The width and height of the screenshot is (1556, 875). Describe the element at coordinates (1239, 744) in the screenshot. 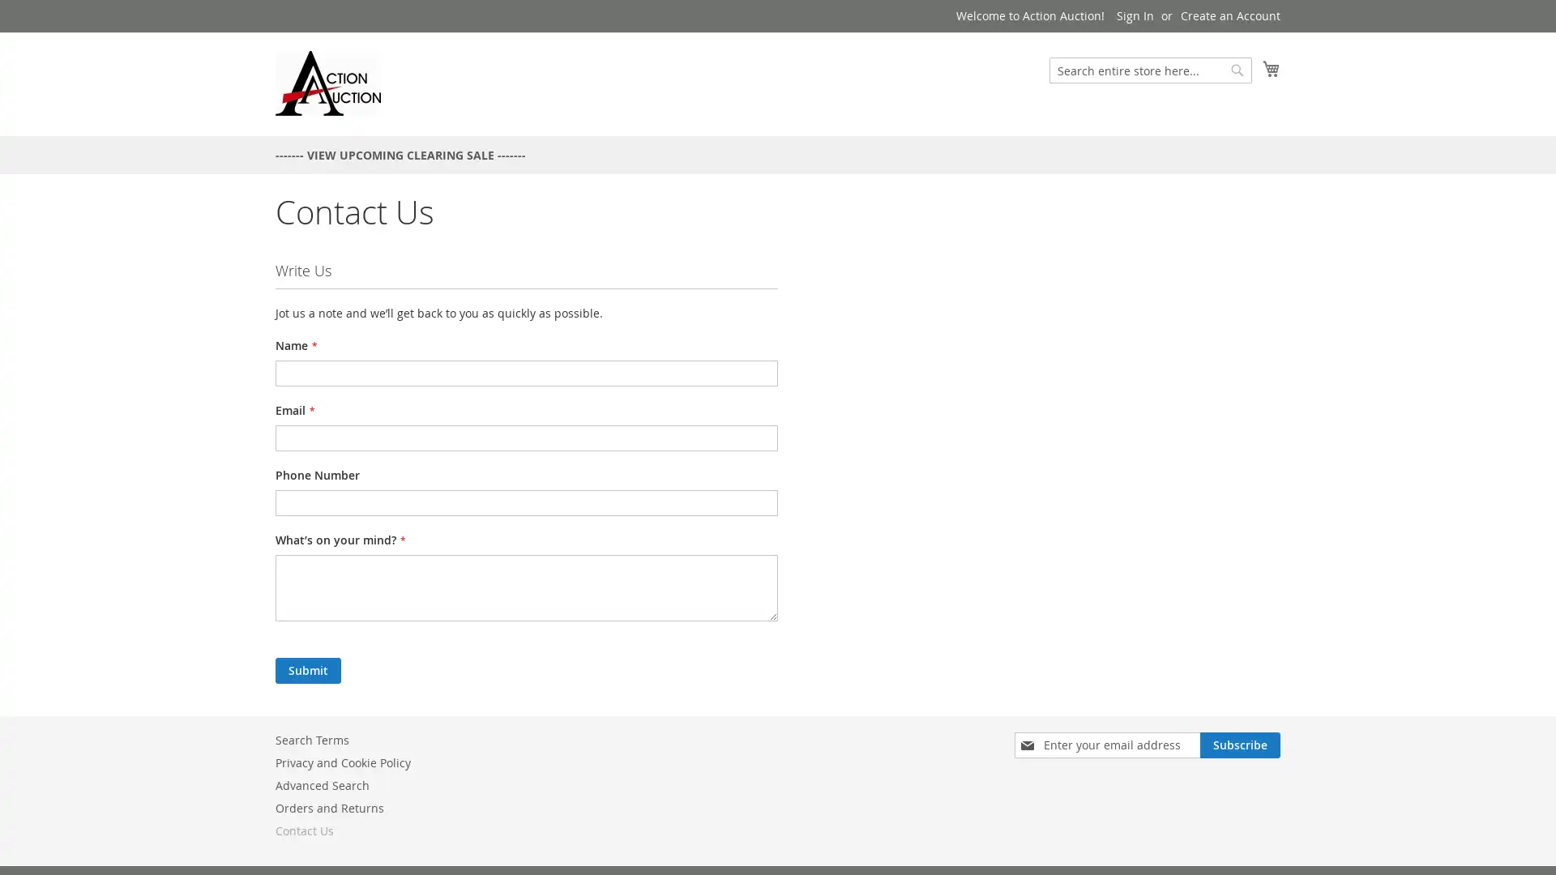

I see `Subscribe` at that location.